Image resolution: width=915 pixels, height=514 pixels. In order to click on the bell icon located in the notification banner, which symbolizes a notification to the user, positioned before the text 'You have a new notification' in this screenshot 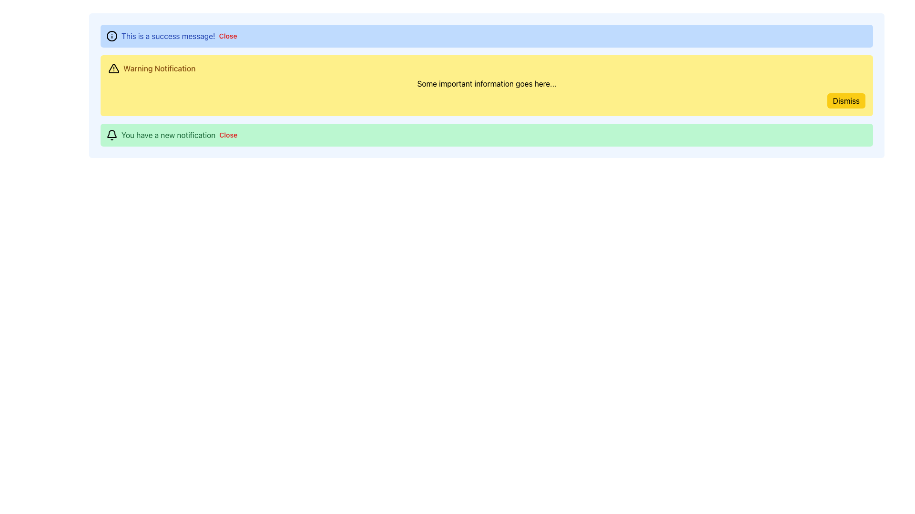, I will do `click(112, 135)`.